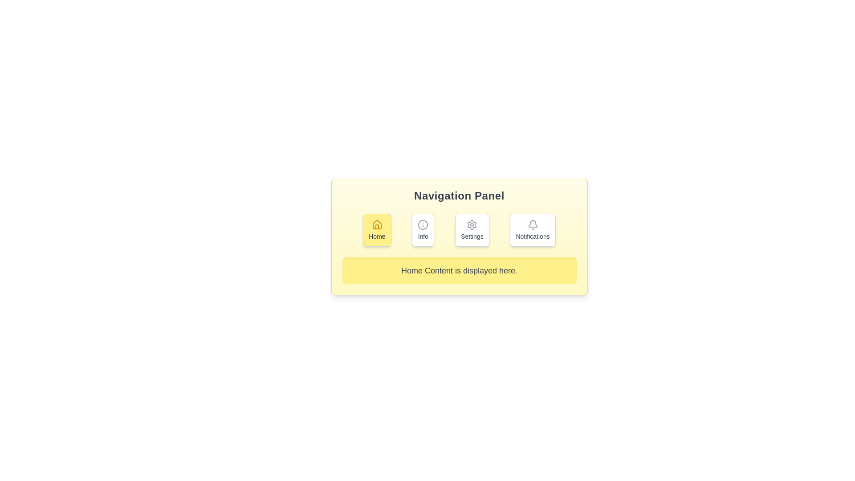  Describe the element at coordinates (472, 224) in the screenshot. I see `the 'Settings' icon, which is the third button from the left in a row of four buttons located in the center of the interface` at that location.